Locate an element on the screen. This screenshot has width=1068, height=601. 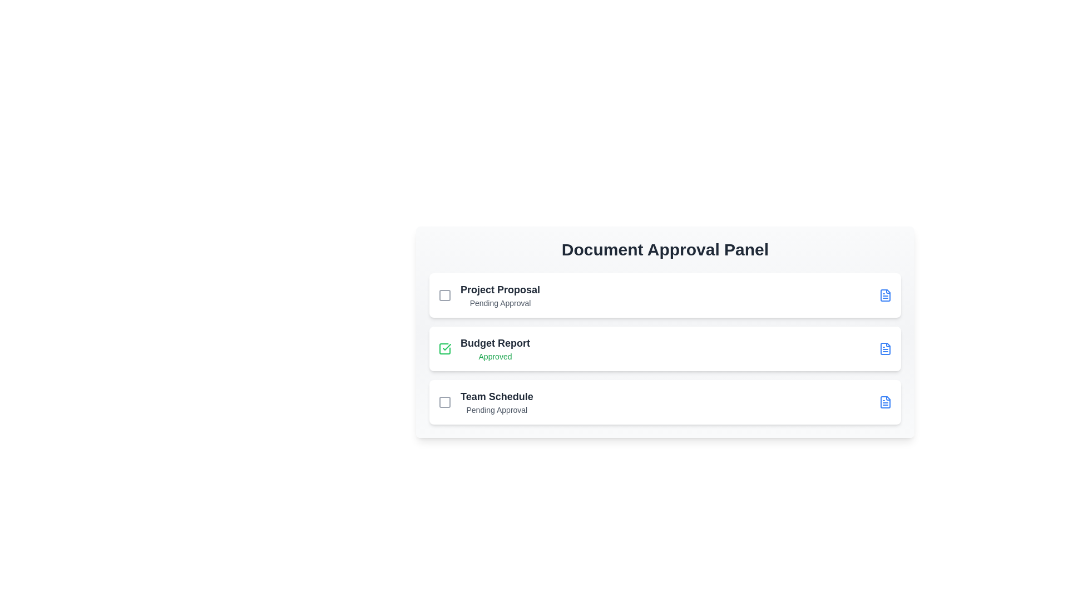
the document icon for Team Schedule is located at coordinates (885, 402).